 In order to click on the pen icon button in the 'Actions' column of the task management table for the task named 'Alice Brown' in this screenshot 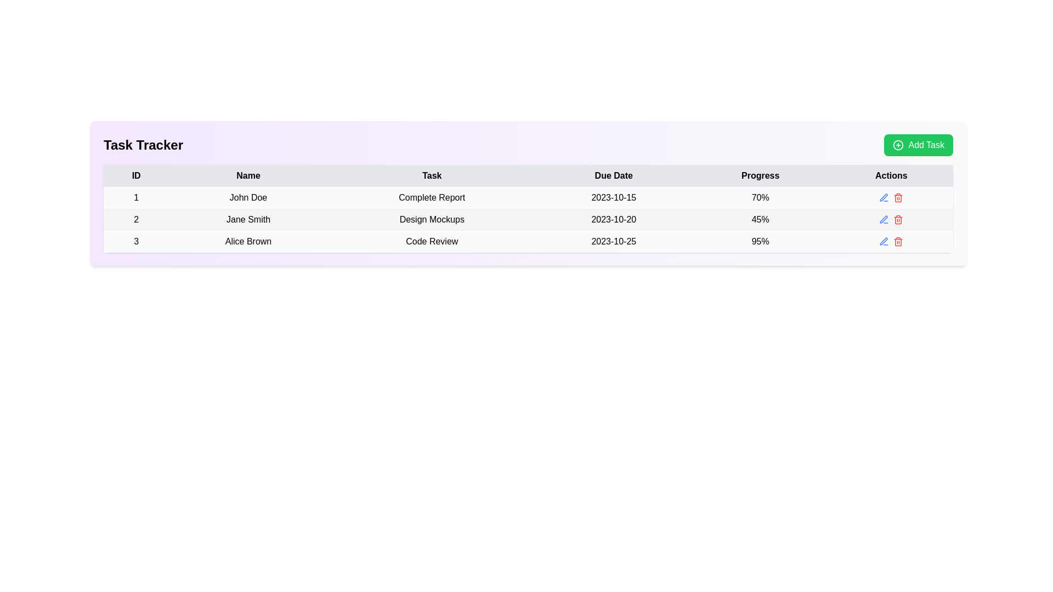, I will do `click(884, 241)`.